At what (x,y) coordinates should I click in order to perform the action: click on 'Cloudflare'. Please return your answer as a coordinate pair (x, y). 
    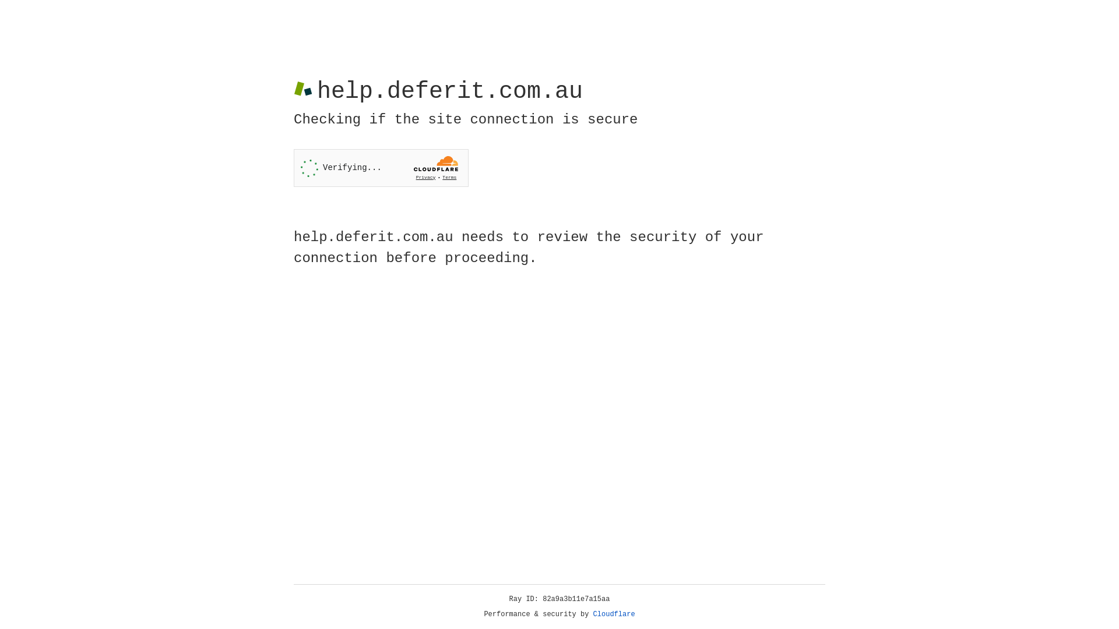
    Looking at the image, I should click on (614, 614).